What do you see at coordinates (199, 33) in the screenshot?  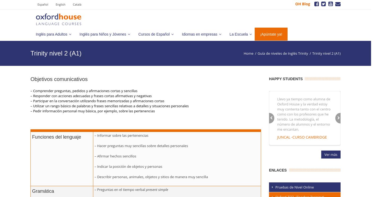 I see `'Idiomas en empresas'` at bounding box center [199, 33].